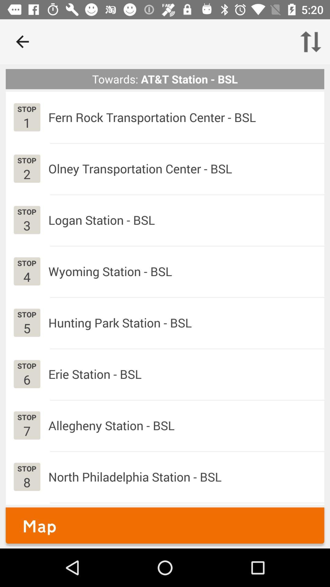  I want to click on the icon next to olney transportation center icon, so click(27, 174).